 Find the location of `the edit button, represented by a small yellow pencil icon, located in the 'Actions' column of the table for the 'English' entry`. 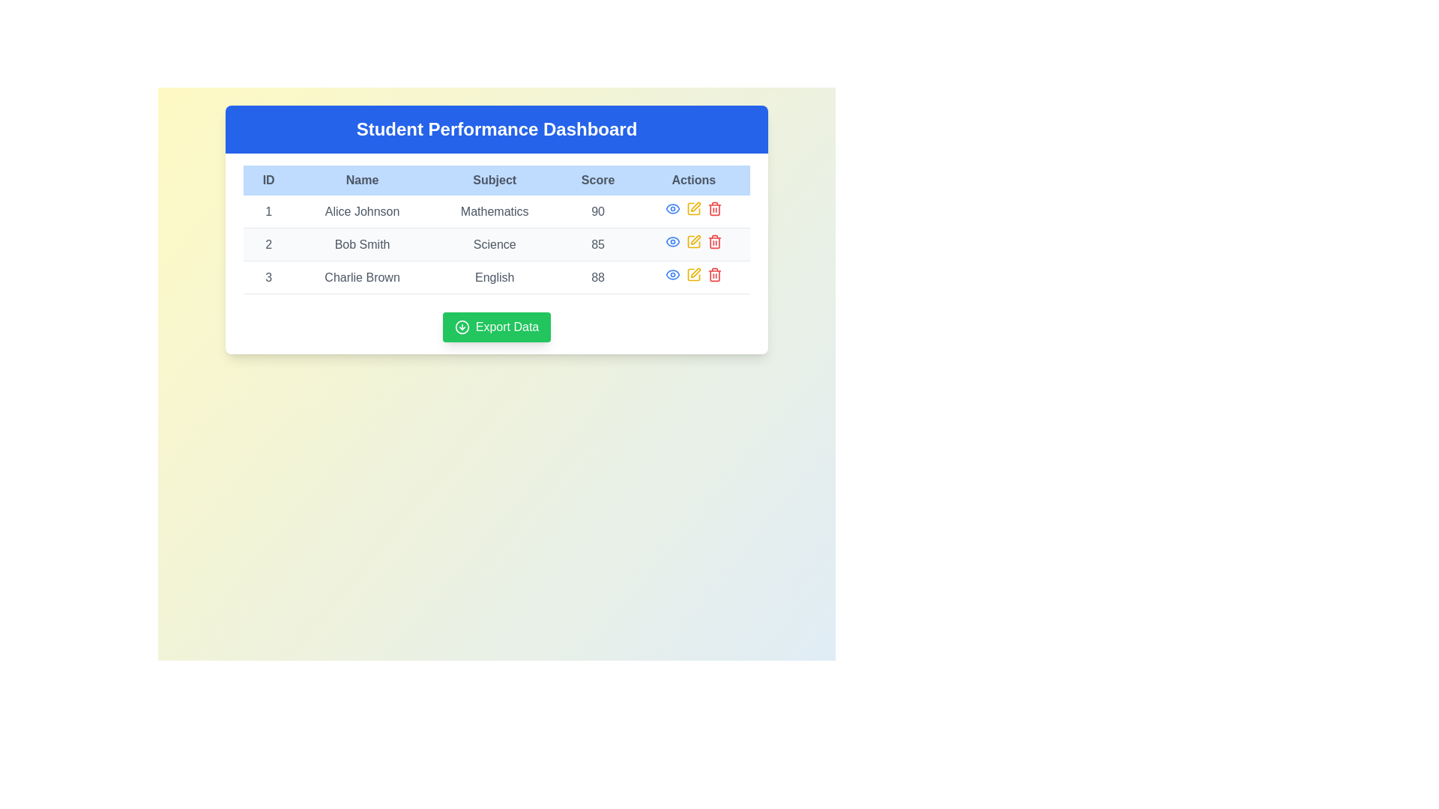

the edit button, represented by a small yellow pencil icon, located in the 'Actions' column of the table for the 'English' entry is located at coordinates (693, 274).